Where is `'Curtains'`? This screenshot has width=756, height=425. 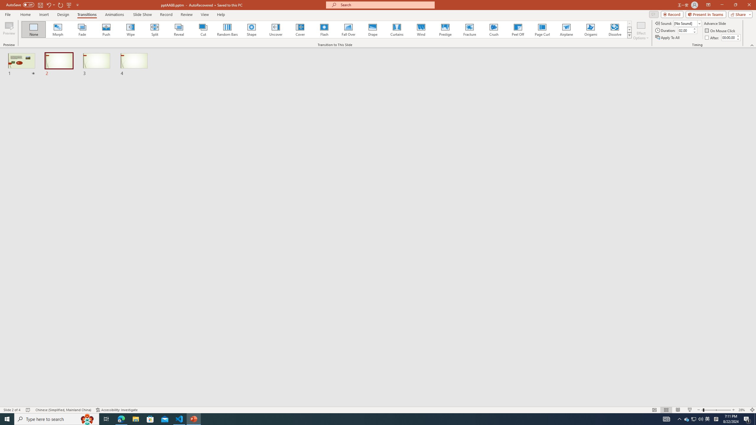 'Curtains' is located at coordinates (397, 29).